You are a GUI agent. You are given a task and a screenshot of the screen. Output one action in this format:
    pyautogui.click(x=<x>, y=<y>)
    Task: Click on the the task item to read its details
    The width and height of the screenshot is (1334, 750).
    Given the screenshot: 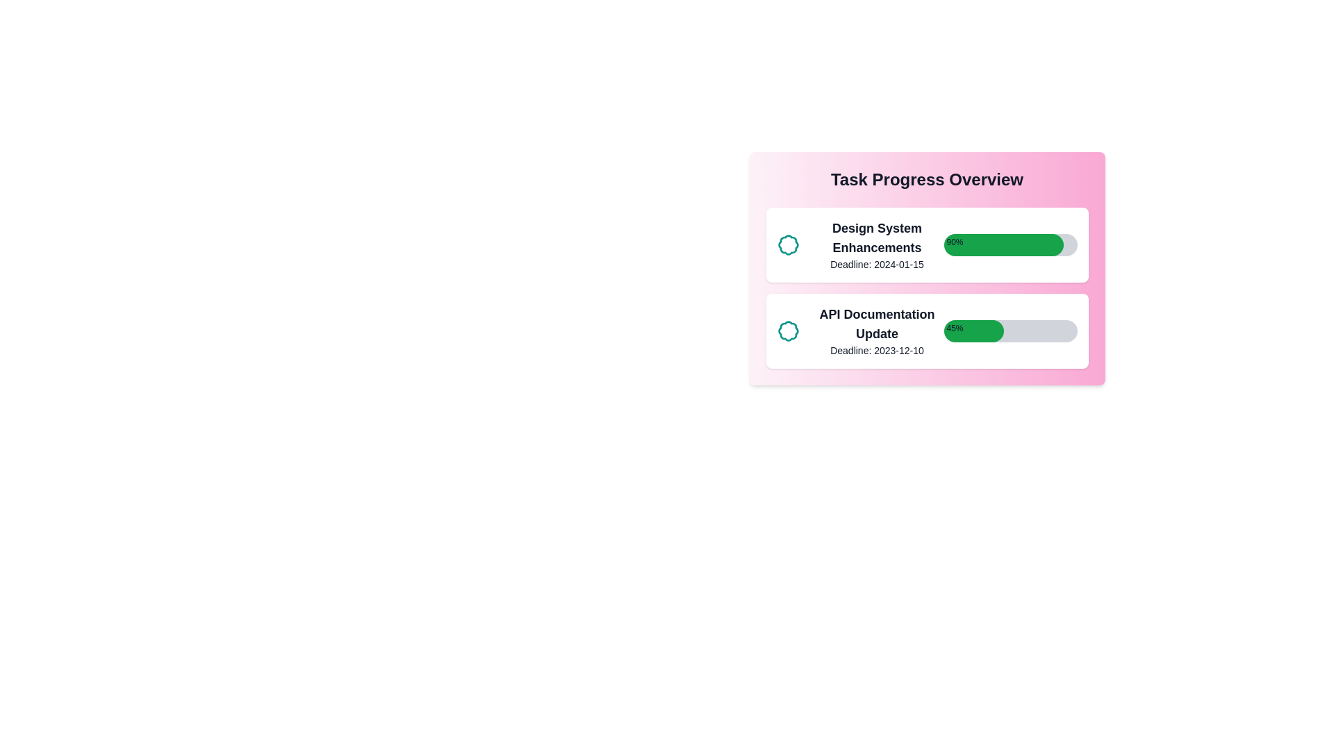 What is the action you would take?
    pyautogui.click(x=927, y=244)
    